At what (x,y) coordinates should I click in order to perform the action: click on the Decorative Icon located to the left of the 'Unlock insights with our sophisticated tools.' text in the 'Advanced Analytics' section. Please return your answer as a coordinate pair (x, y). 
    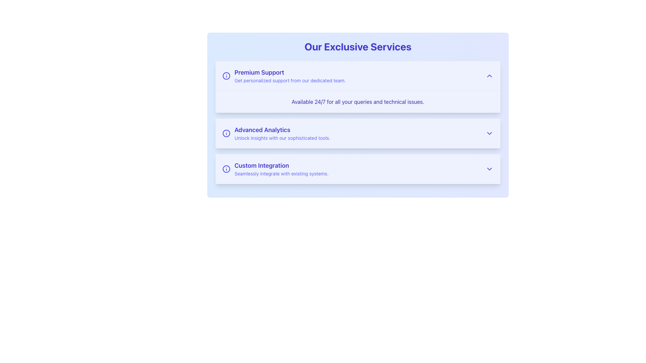
    Looking at the image, I should click on (226, 133).